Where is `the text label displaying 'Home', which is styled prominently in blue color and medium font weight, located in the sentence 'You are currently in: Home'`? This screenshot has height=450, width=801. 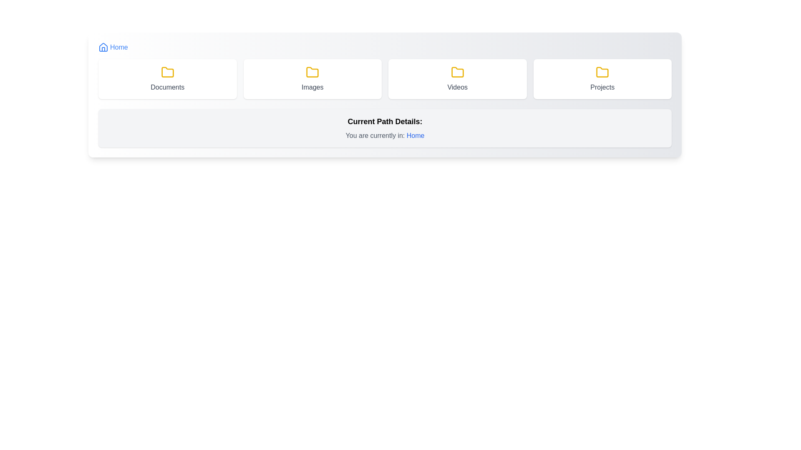
the text label displaying 'Home', which is styled prominently in blue color and medium font weight, located in the sentence 'You are currently in: Home' is located at coordinates (416, 135).